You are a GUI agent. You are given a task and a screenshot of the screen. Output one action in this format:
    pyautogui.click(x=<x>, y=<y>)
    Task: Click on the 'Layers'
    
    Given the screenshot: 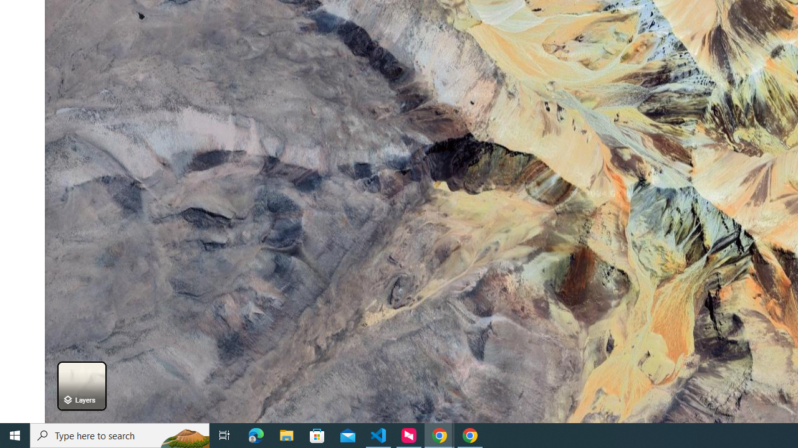 What is the action you would take?
    pyautogui.click(x=81, y=385)
    